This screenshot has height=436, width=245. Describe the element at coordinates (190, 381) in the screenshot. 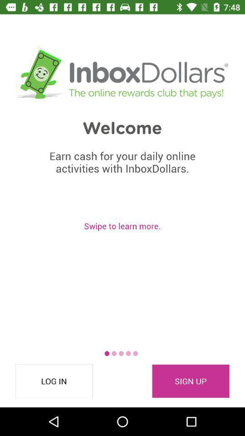

I see `sign up item` at that location.